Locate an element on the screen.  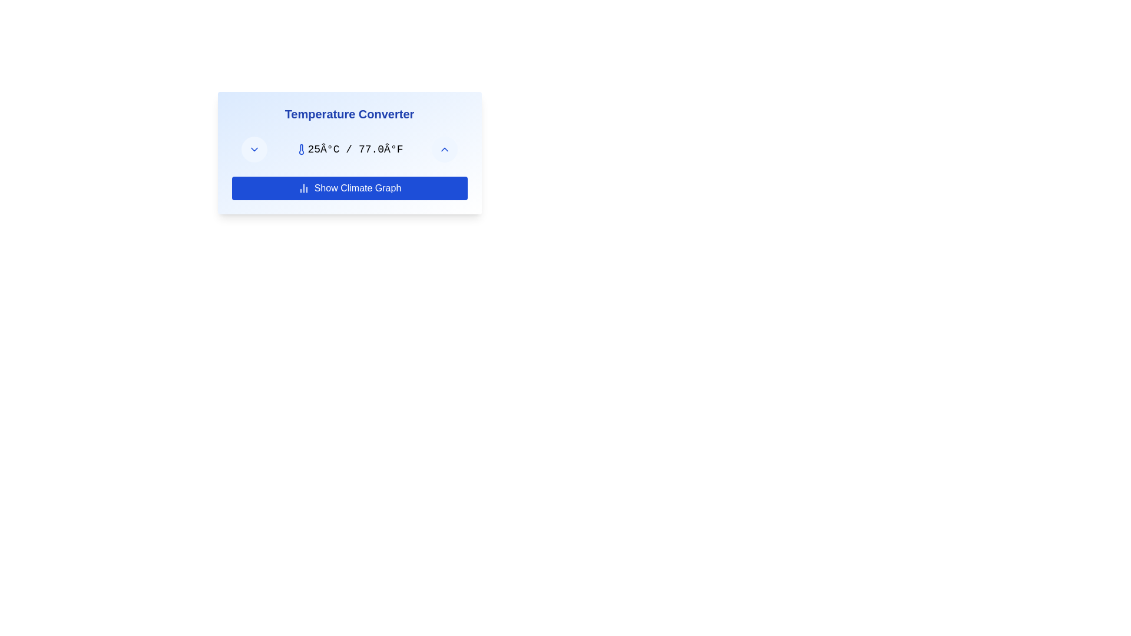
the chevron icon located within the circular button at the top-left corner of the 'Temperature Converter' panel is located at coordinates (253, 149).